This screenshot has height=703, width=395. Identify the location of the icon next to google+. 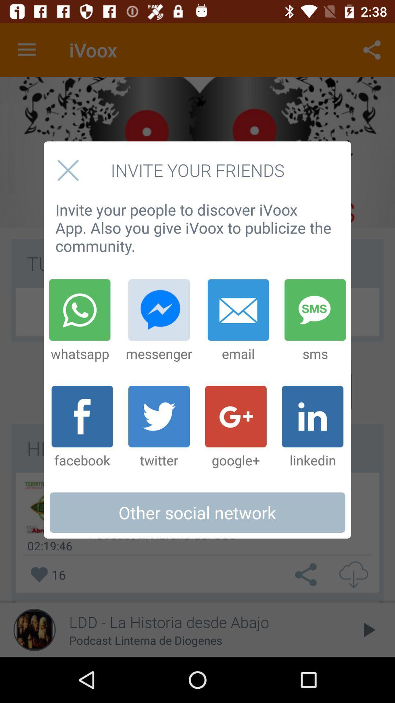
(159, 427).